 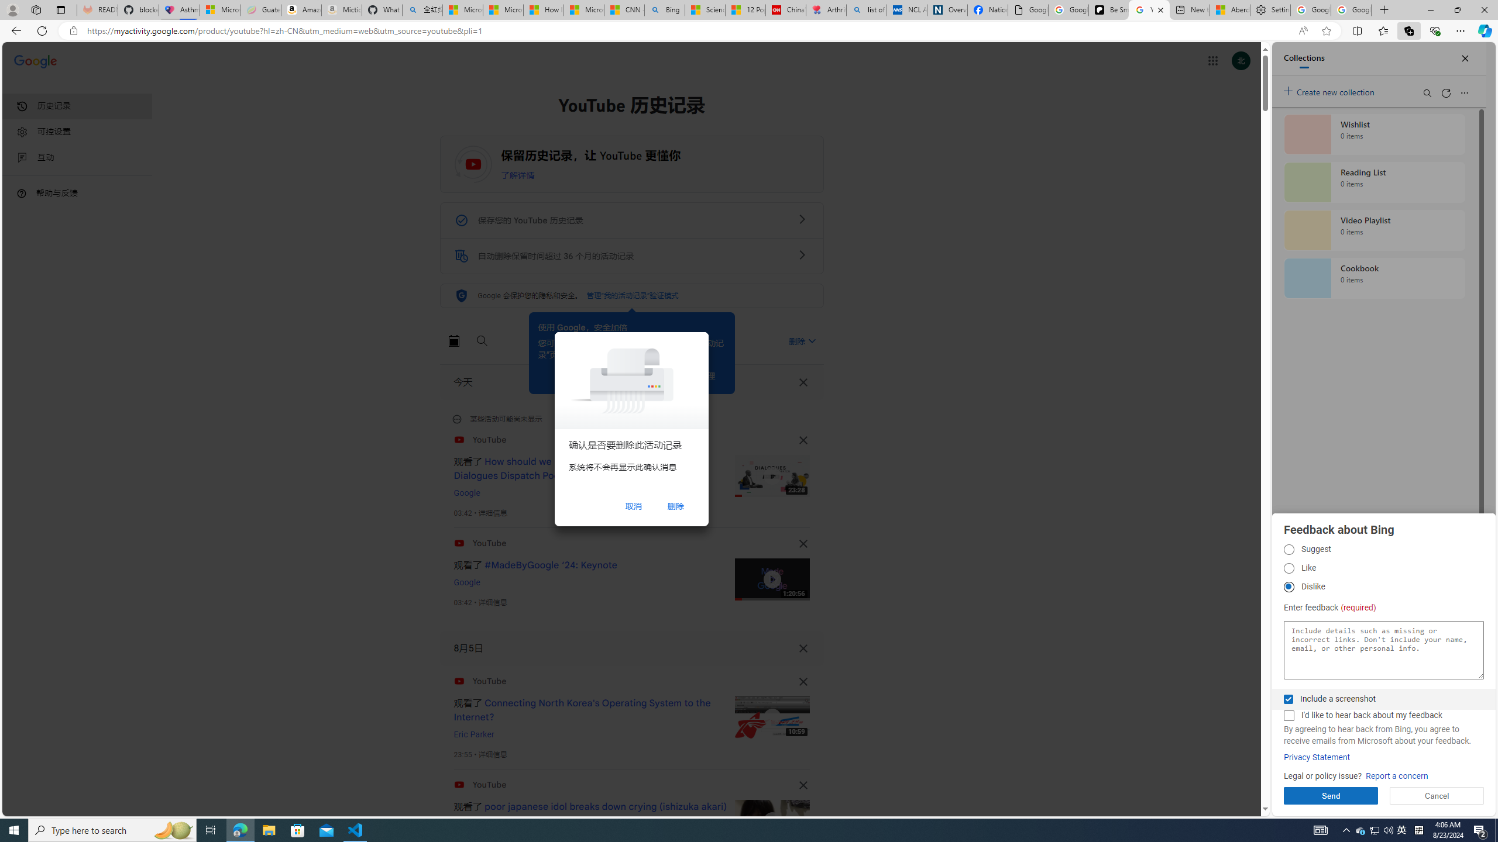 What do you see at coordinates (1288, 586) in the screenshot?
I see `'AutomationID: fbpgdgtp3'` at bounding box center [1288, 586].